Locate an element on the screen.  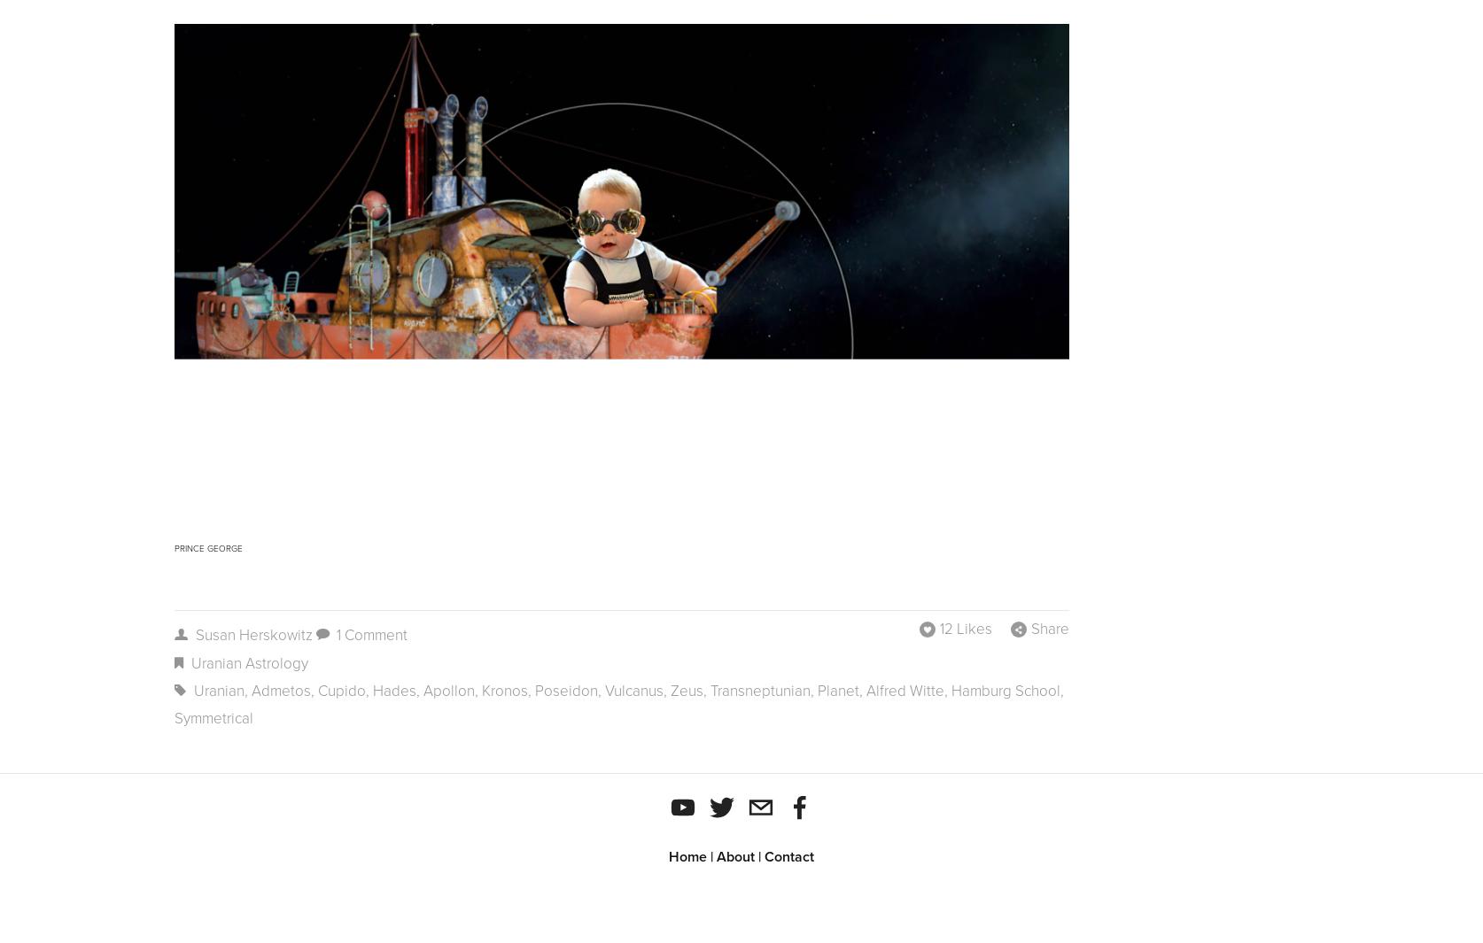
'Susan Herskowitz' is located at coordinates (252, 635).